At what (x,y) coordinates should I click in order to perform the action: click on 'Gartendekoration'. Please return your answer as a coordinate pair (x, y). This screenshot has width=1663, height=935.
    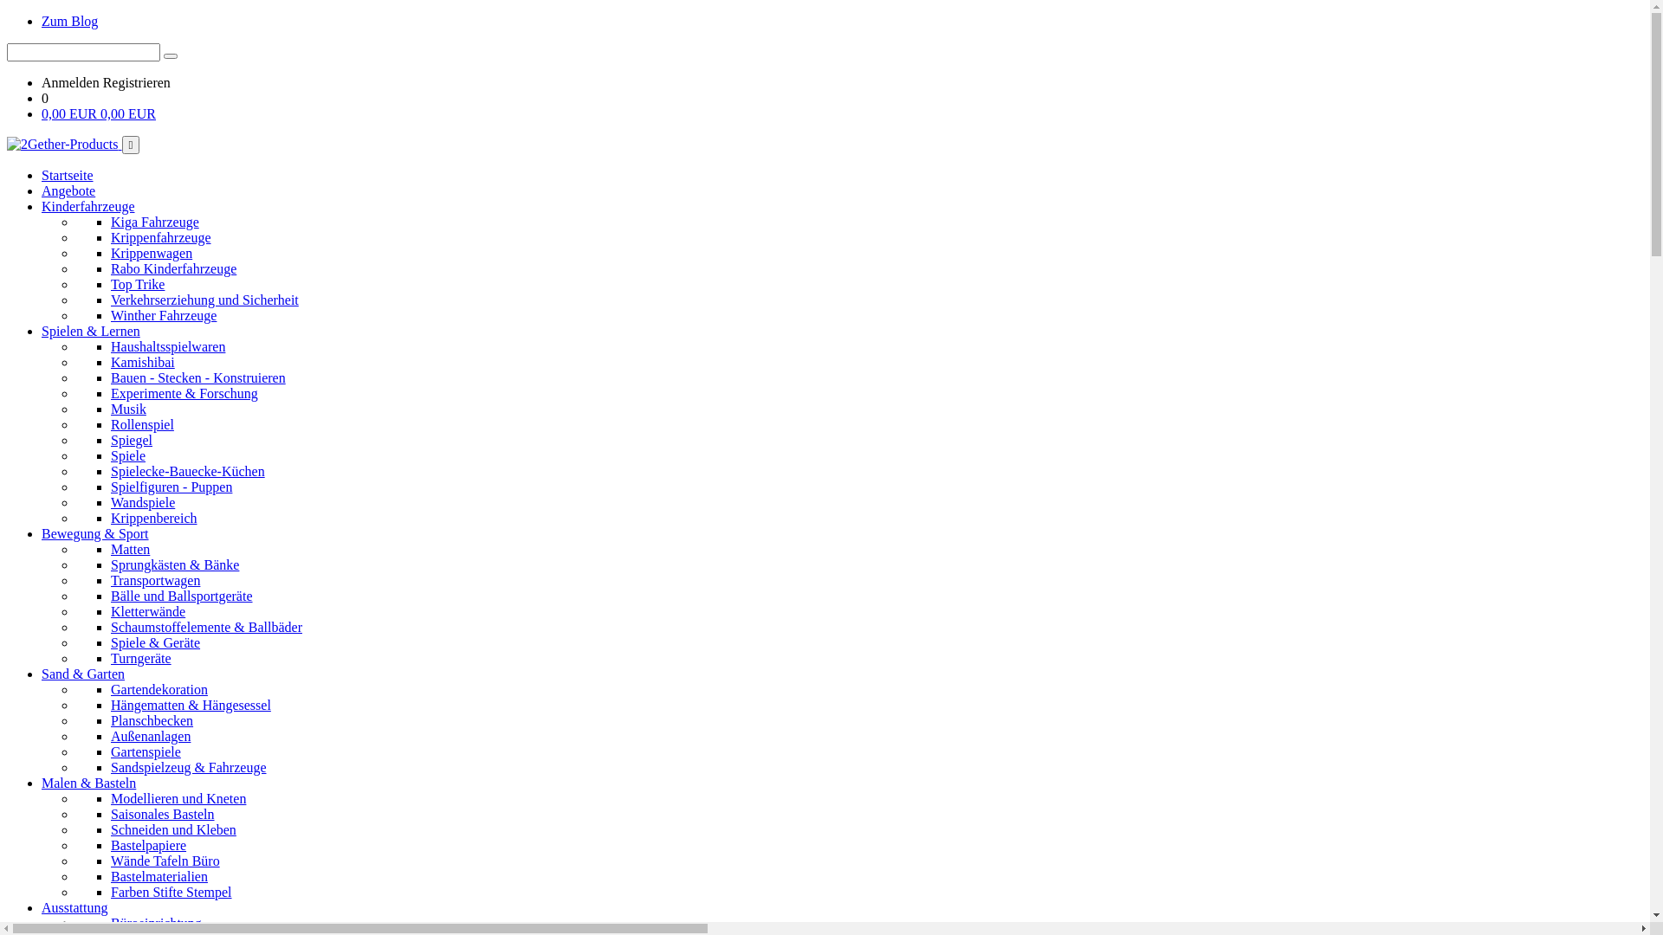
    Looking at the image, I should click on (159, 688).